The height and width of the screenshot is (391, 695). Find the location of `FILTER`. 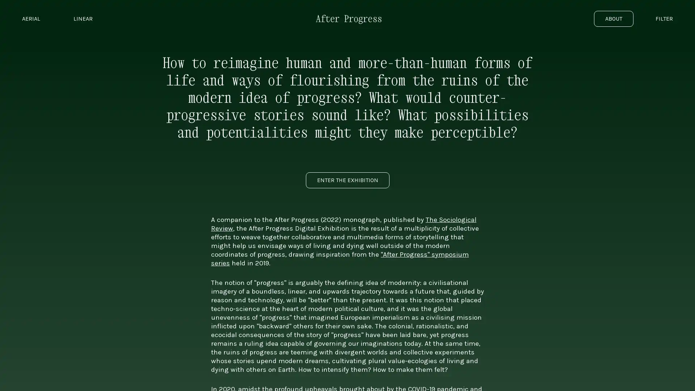

FILTER is located at coordinates (664, 18).